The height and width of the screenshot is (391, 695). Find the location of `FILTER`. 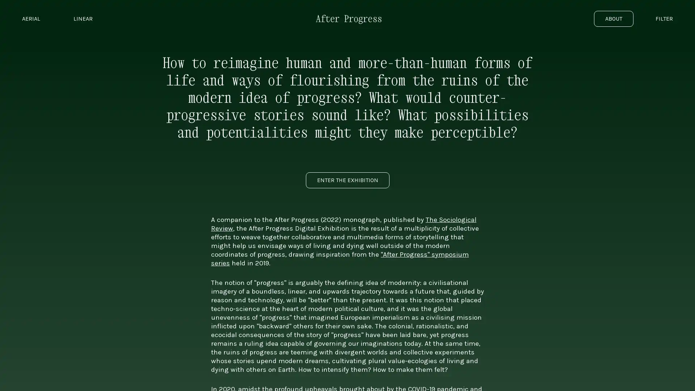

FILTER is located at coordinates (664, 18).